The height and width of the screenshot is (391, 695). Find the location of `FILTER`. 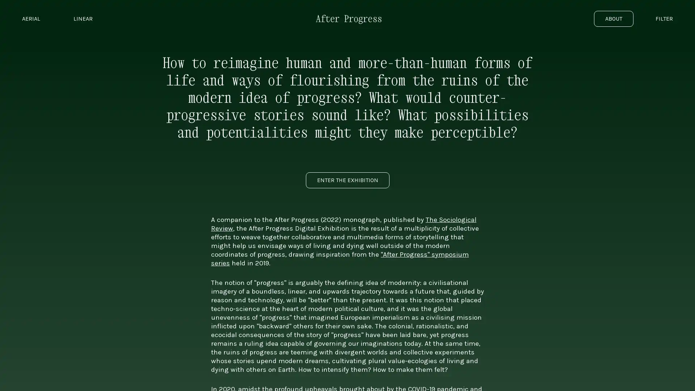

FILTER is located at coordinates (664, 18).